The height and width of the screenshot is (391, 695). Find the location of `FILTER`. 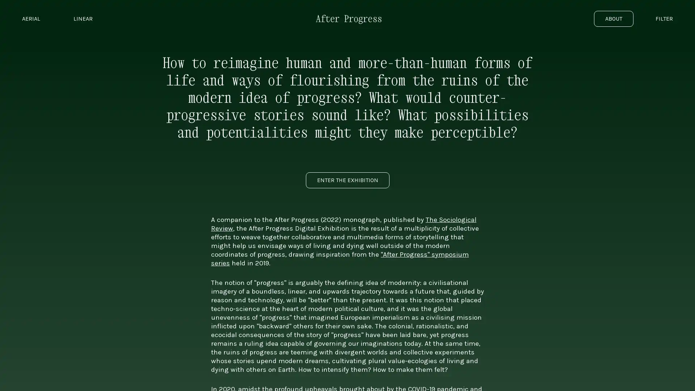

FILTER is located at coordinates (664, 18).